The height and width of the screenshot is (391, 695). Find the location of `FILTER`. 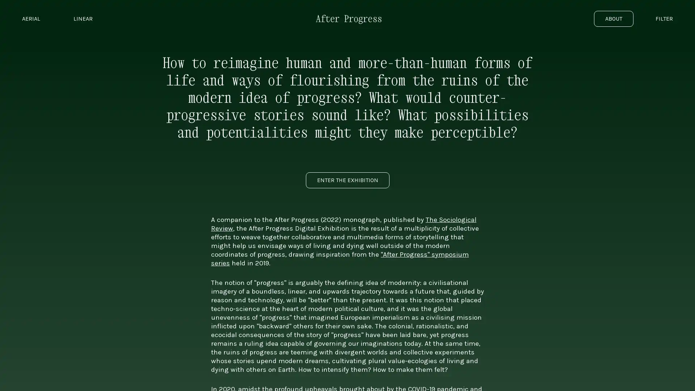

FILTER is located at coordinates (664, 18).